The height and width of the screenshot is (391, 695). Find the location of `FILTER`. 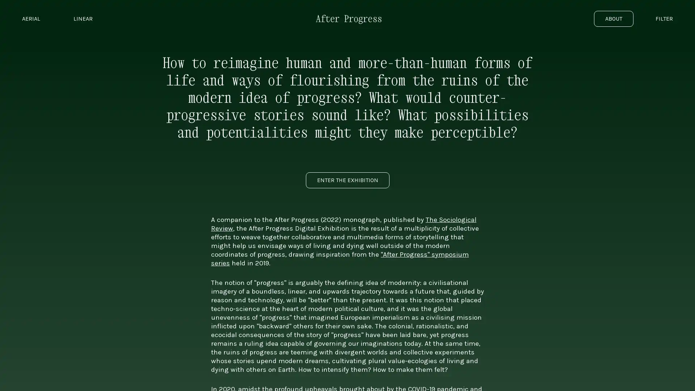

FILTER is located at coordinates (664, 18).